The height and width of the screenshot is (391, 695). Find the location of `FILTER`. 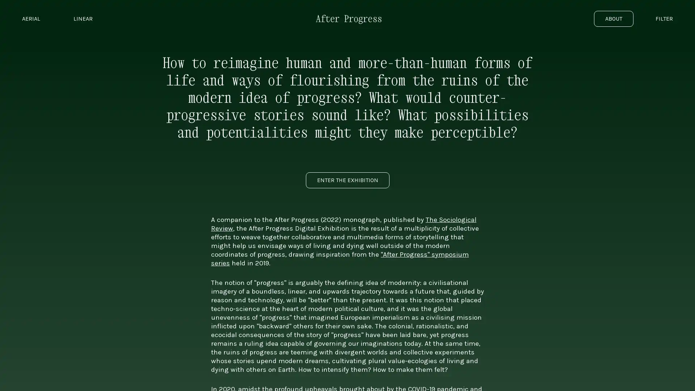

FILTER is located at coordinates (664, 18).